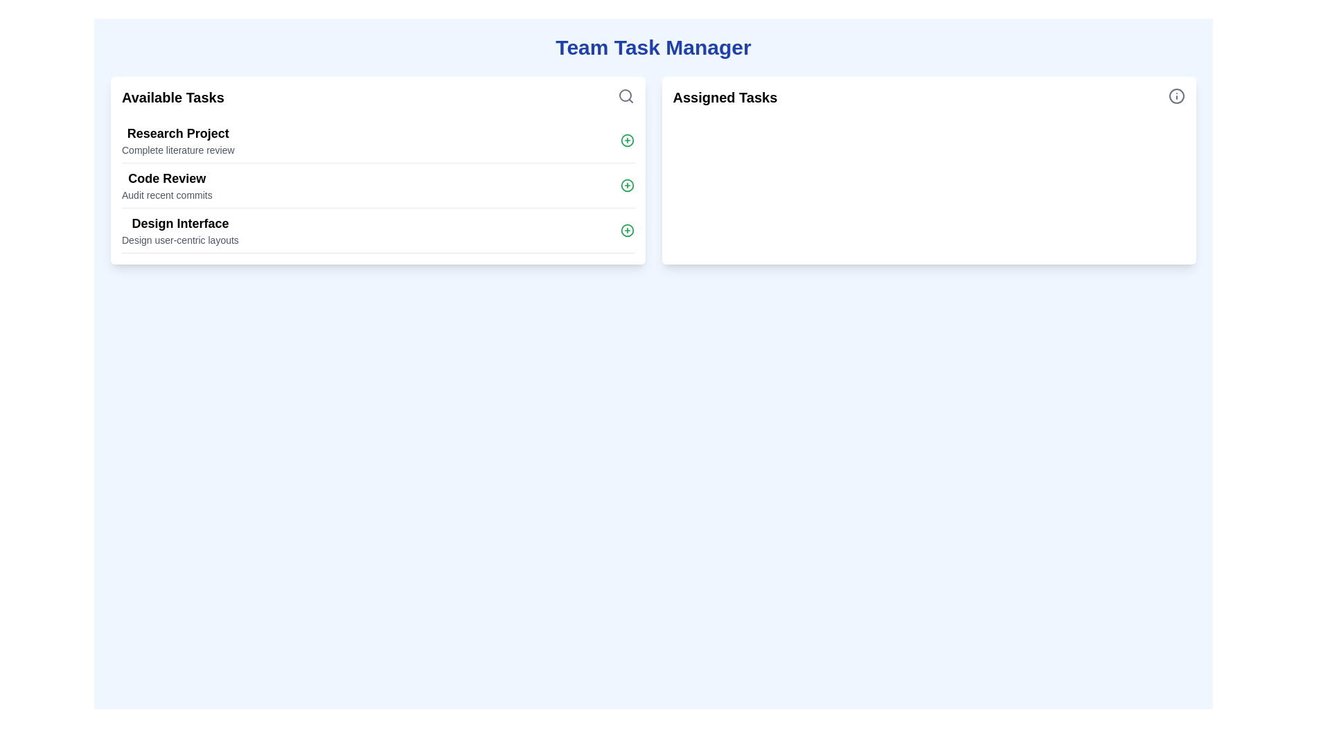 This screenshot has height=748, width=1330. Describe the element at coordinates (626, 184) in the screenshot. I see `the green circular button with a plus icon located in the bottom-right corner of the 'Code Review' task row in the 'Available Tasks' section` at that location.